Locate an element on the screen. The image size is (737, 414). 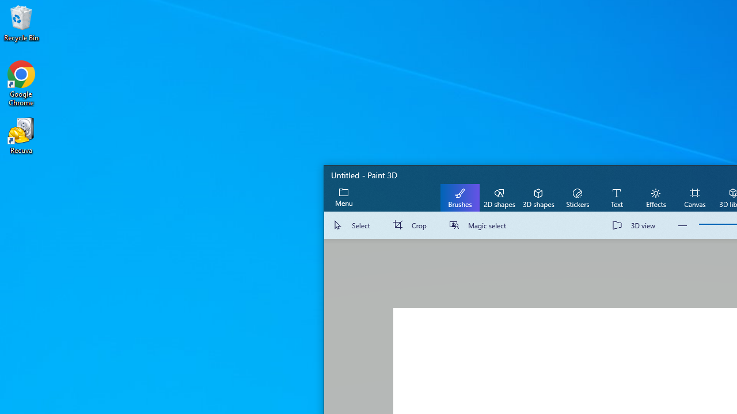
'Crop' is located at coordinates (412, 225).